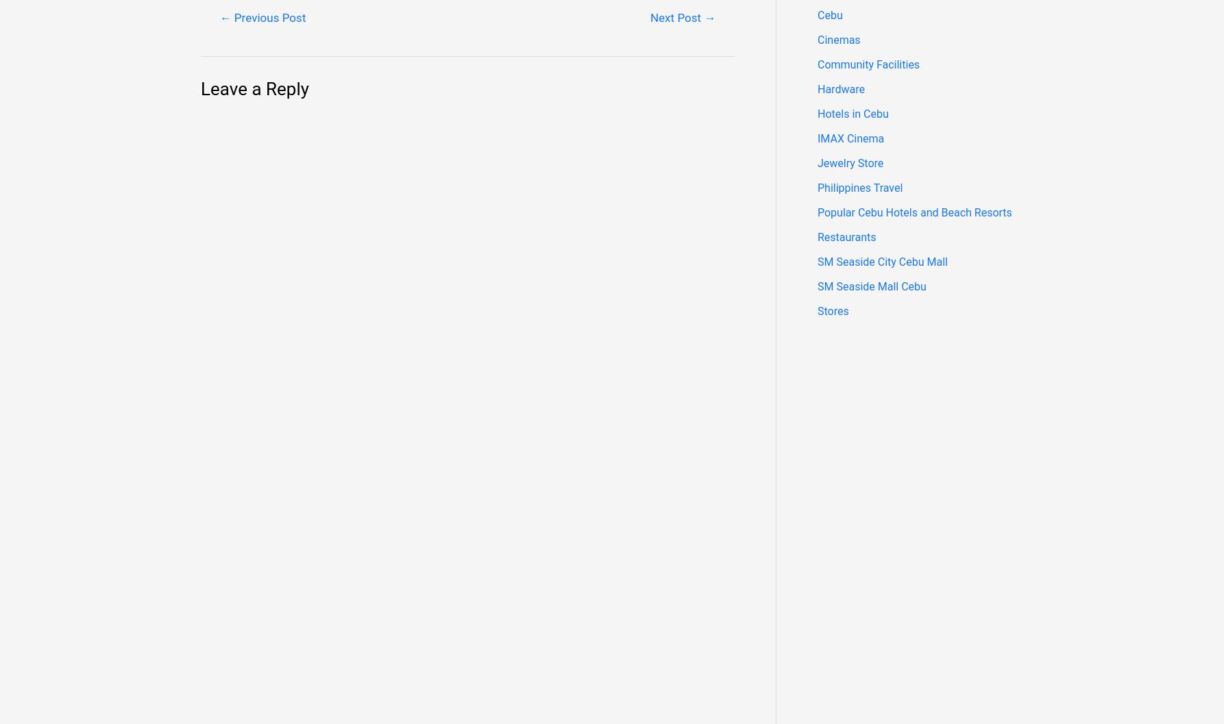  Describe the element at coordinates (255, 87) in the screenshot. I see `'Leave a Reply'` at that location.